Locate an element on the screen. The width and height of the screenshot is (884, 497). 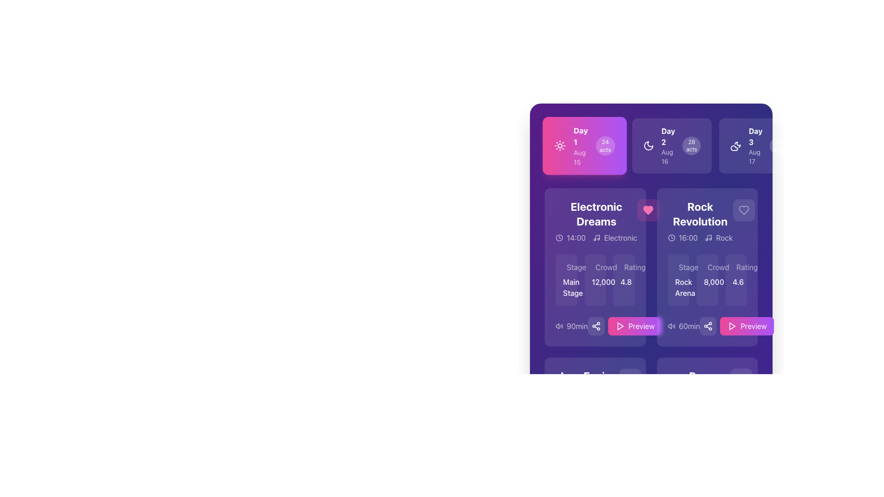
the static text label that indicates the rating value for the 'Rock Revolution' event, located towards the right section of the application, aligned horizontally with 'Stage' and 'Crowd' labels is located at coordinates (747, 267).